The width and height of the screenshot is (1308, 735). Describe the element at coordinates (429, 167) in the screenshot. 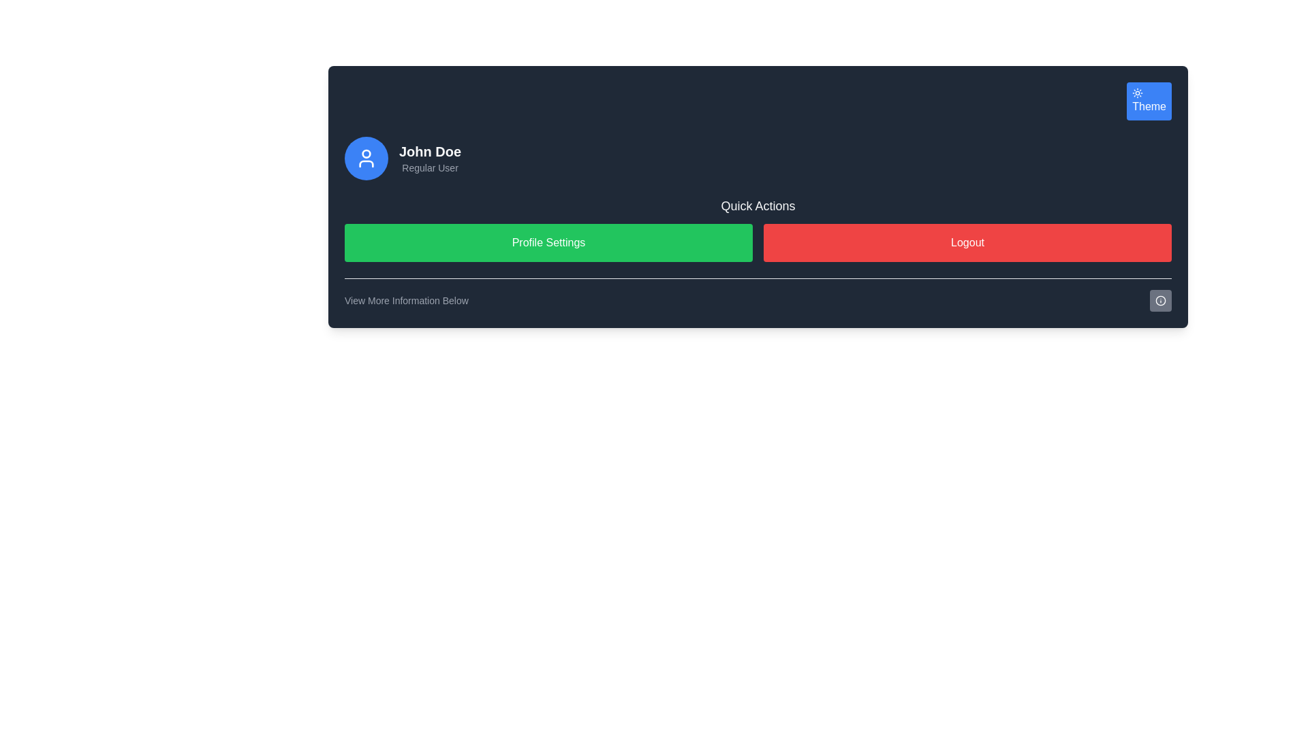

I see `the 'Regular User' text label that indicates the type or role of the individual described in the 'John Doe' section, located directly below the larger 'John Doe' label` at that location.